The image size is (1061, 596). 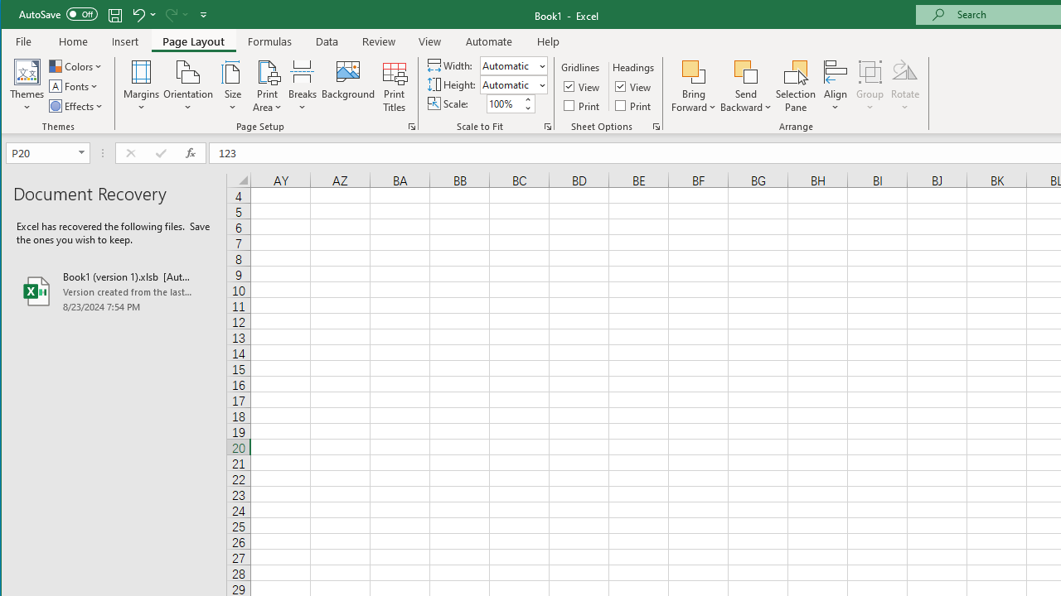 What do you see at coordinates (41, 152) in the screenshot?
I see `'Name Box'` at bounding box center [41, 152].